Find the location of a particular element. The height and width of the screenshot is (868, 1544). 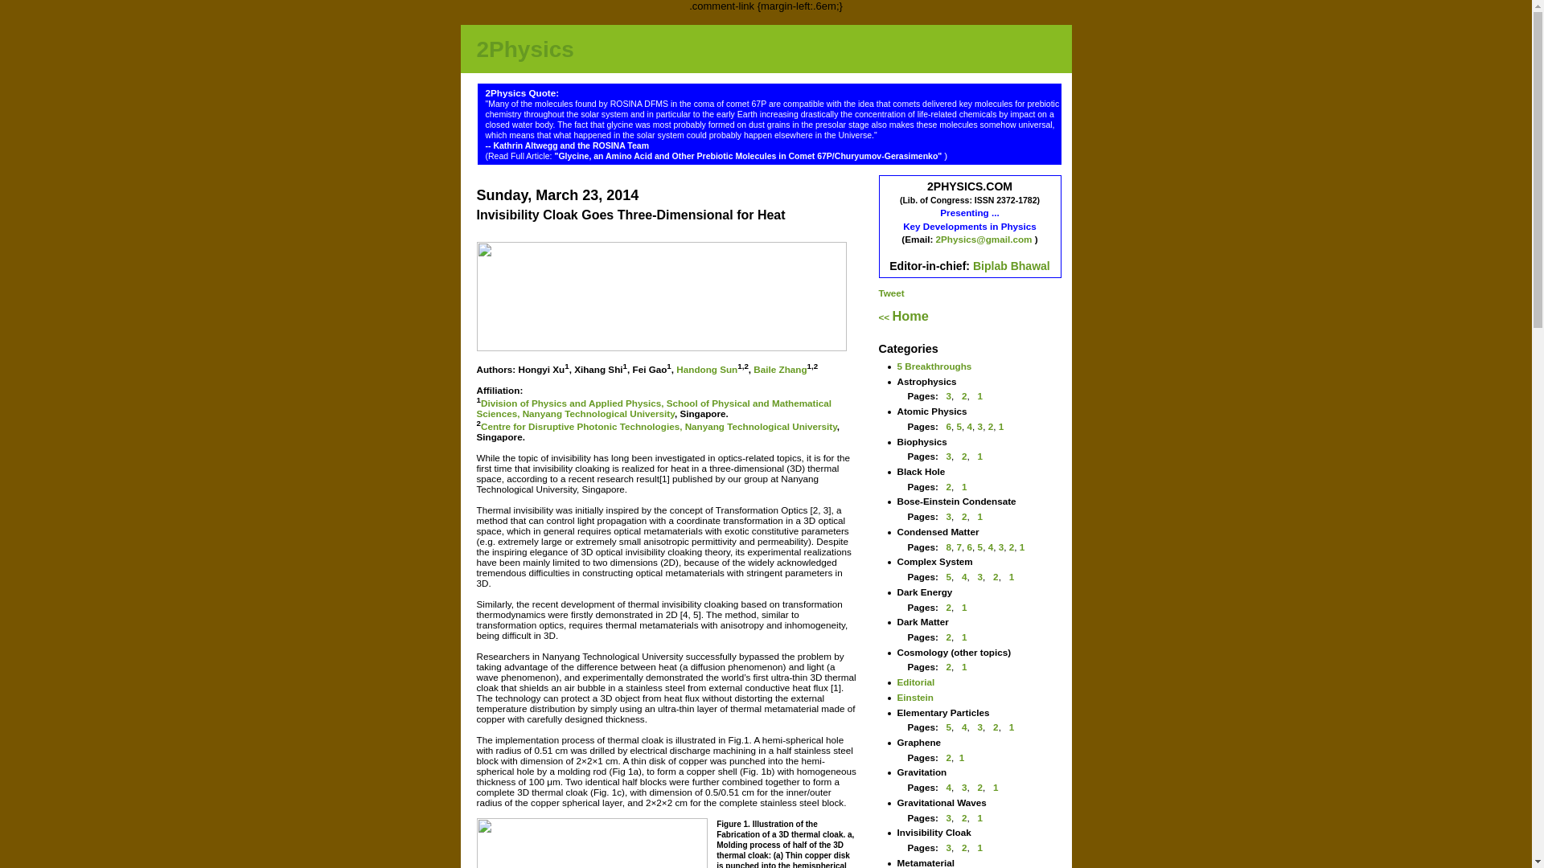

'1' is located at coordinates (964, 636).